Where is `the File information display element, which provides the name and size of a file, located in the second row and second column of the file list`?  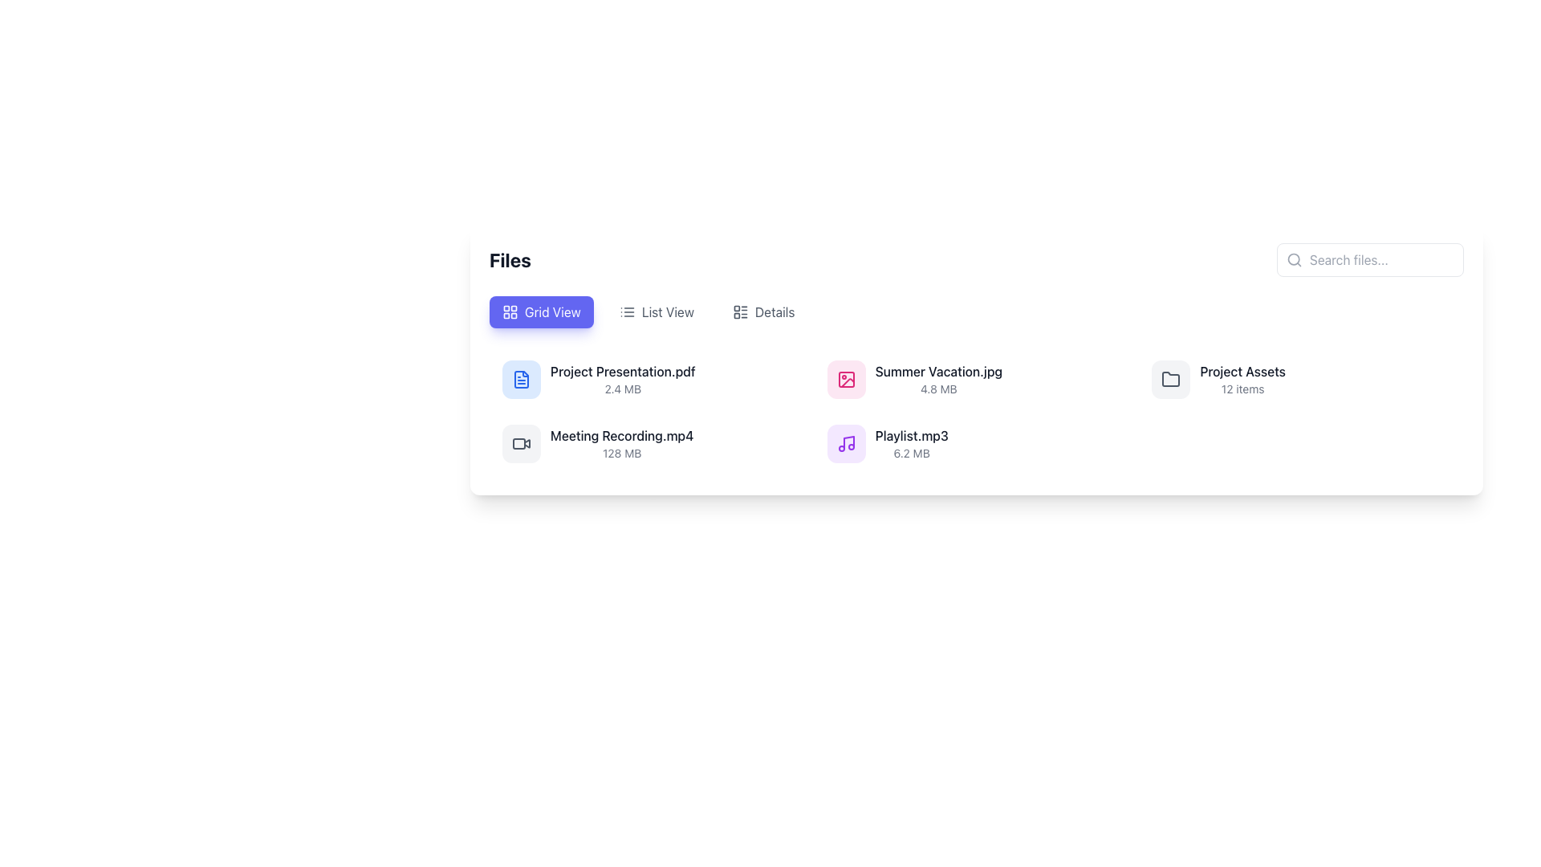 the File information display element, which provides the name and size of a file, located in the second row and second column of the file list is located at coordinates (938, 380).